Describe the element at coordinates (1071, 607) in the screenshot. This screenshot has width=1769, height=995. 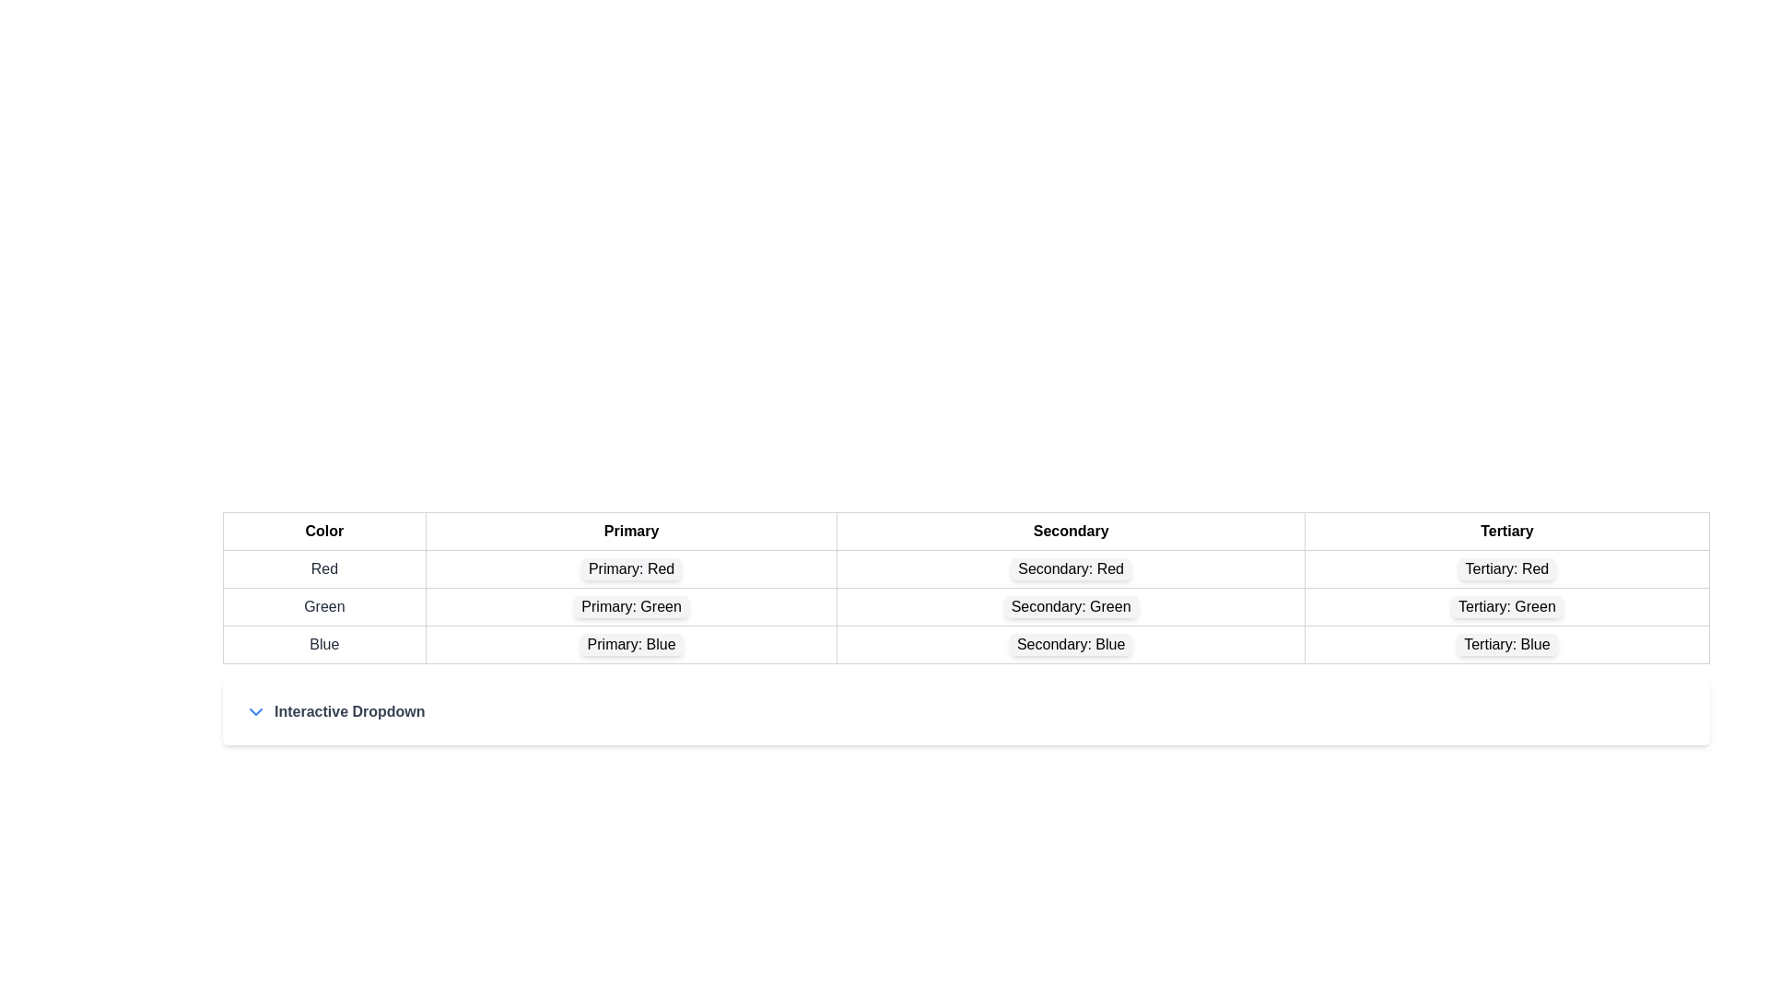
I see `the Text Label displaying information about the secondary classification associated with the 'Green' context located in the second row and 'Secondary' column of the table` at that location.